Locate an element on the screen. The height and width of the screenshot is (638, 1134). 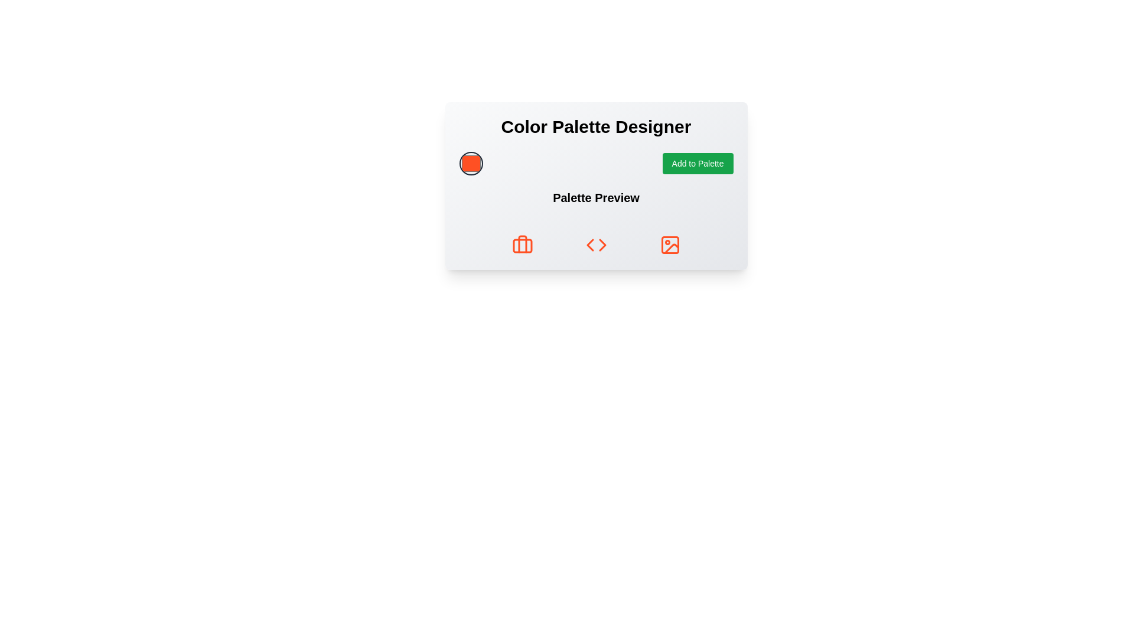
the rounded rectangular Decorative SVG component that resembles a briefcase icon, located below the 'Palette Preview' label is located at coordinates (522, 245).